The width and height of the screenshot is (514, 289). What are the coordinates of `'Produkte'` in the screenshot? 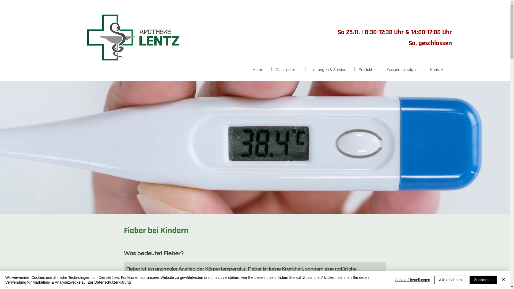 It's located at (354, 69).